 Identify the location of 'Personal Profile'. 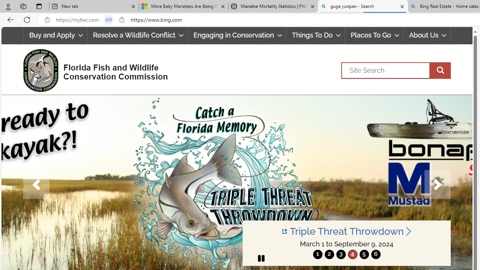
(8, 6).